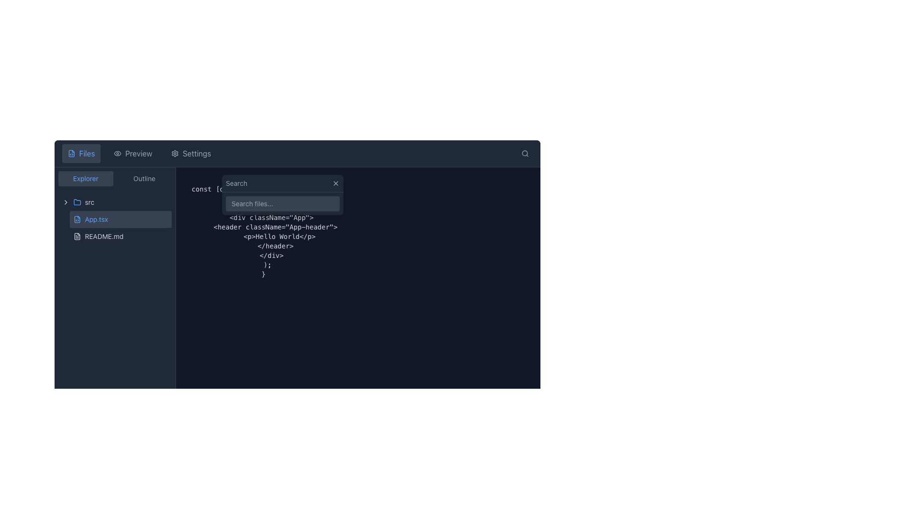  Describe the element at coordinates (139, 153) in the screenshot. I see `the 'Preview' text element, which is styled in gray and is positioned between 'Files' and 'Settings' in the top left corner navigation bar` at that location.